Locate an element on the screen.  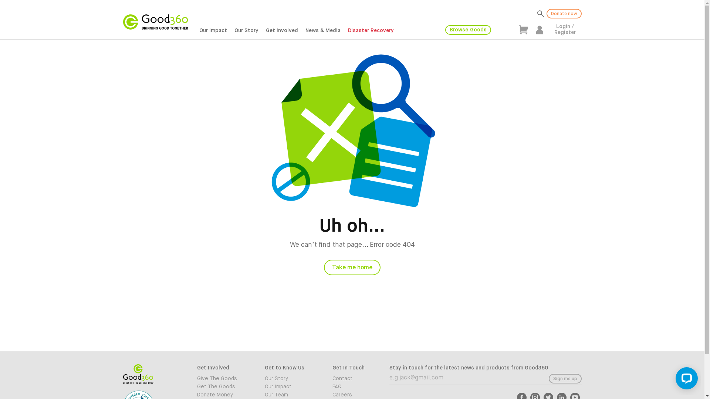
'Sign me up' is located at coordinates (565, 379).